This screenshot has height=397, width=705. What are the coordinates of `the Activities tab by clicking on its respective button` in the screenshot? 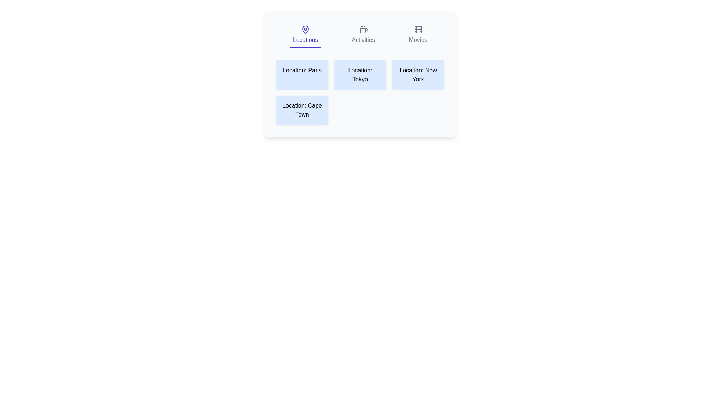 It's located at (363, 35).